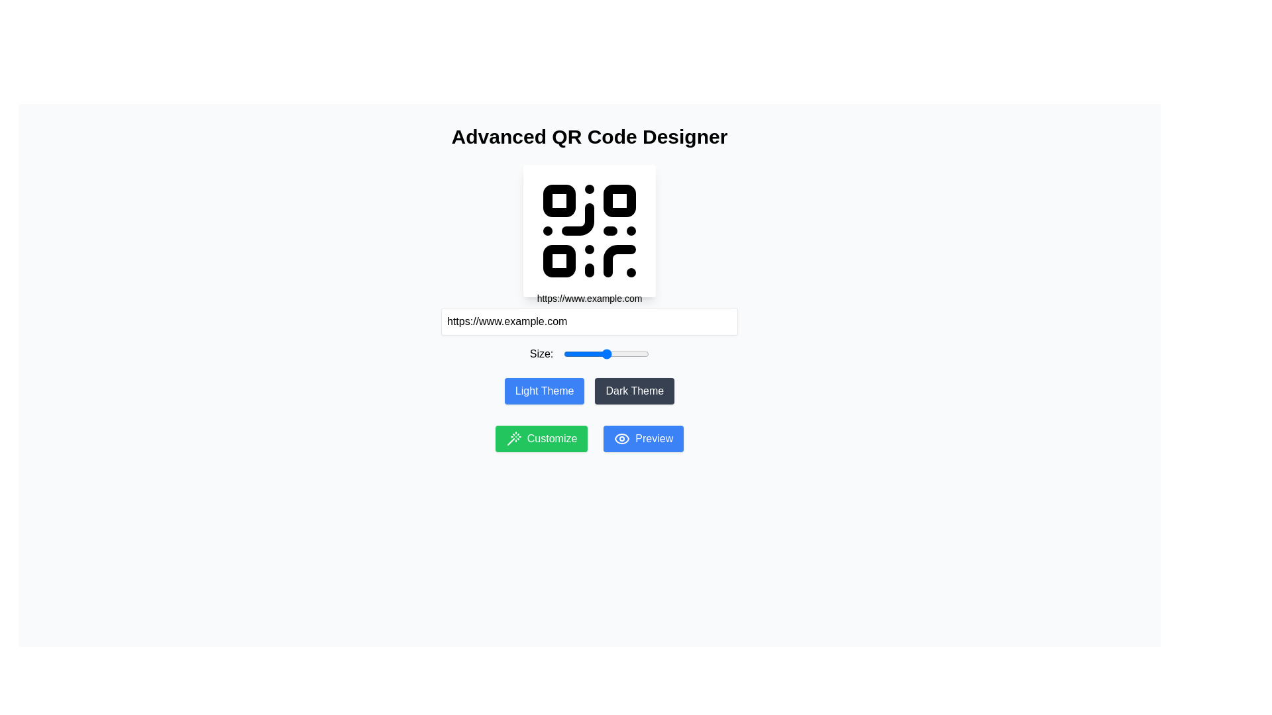  What do you see at coordinates (545, 390) in the screenshot?
I see `the 'Light Theme' button, which is a rectangular button with a blue background and white text` at bounding box center [545, 390].